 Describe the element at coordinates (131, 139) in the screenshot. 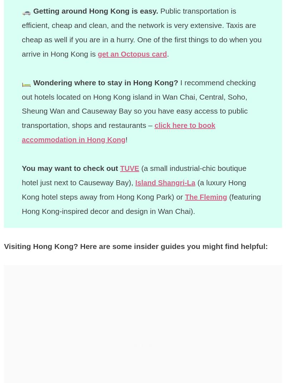

I see `'!'` at that location.